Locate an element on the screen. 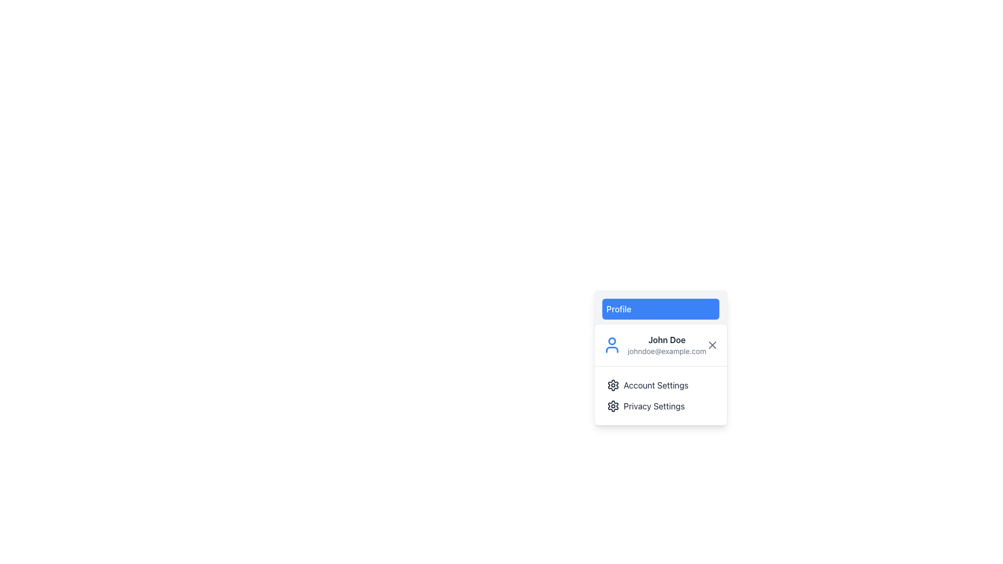 The width and height of the screenshot is (1003, 564). the 'Privacy Settings' button with a gear icon in the dropdown menu is located at coordinates (660, 406).